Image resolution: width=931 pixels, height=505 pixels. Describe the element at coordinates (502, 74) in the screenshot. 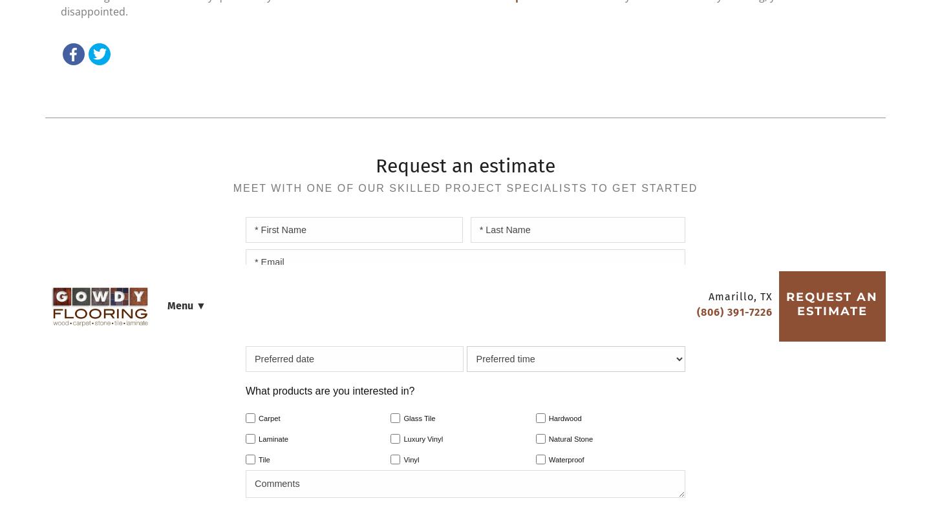

I see `'Services'` at that location.